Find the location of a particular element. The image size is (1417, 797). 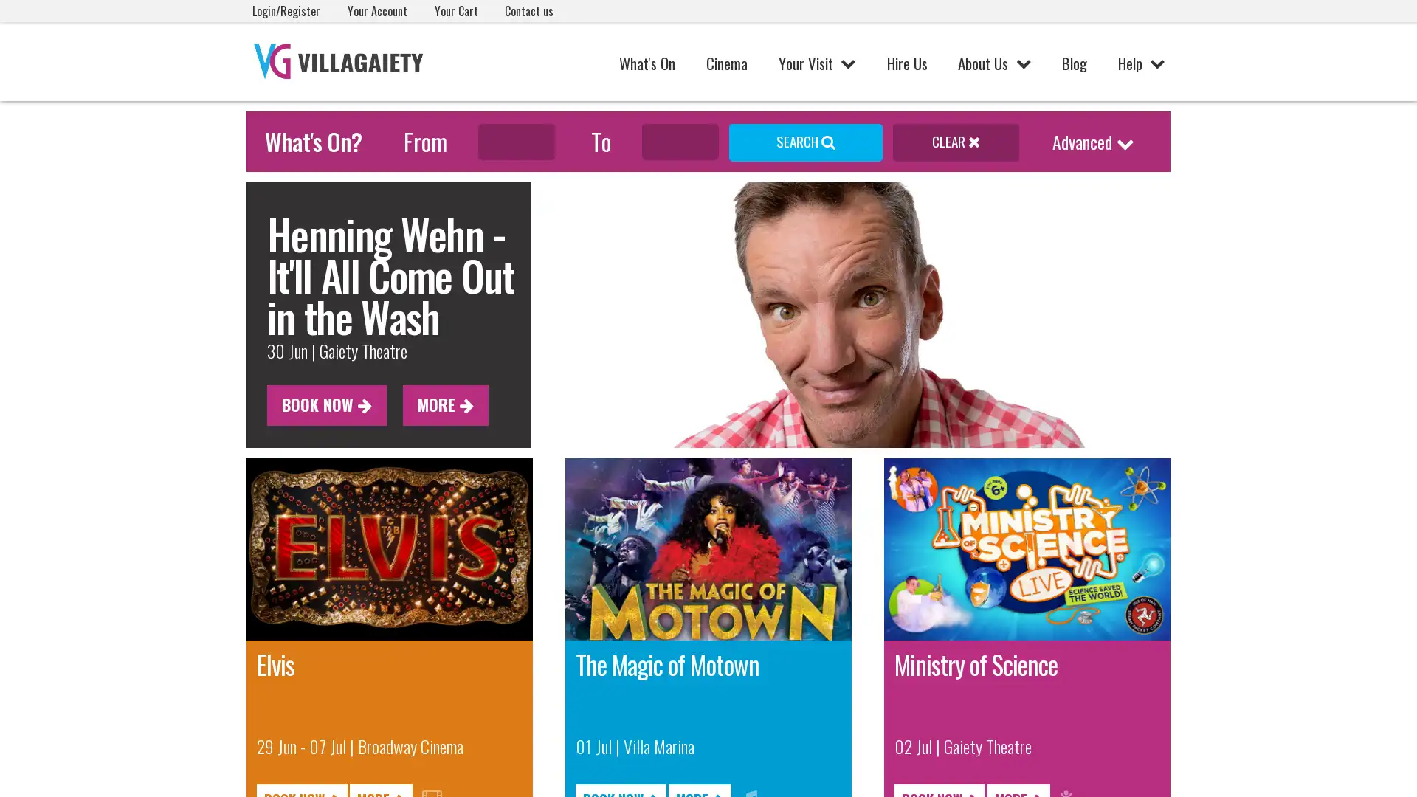

Your Visit is located at coordinates (816, 62).